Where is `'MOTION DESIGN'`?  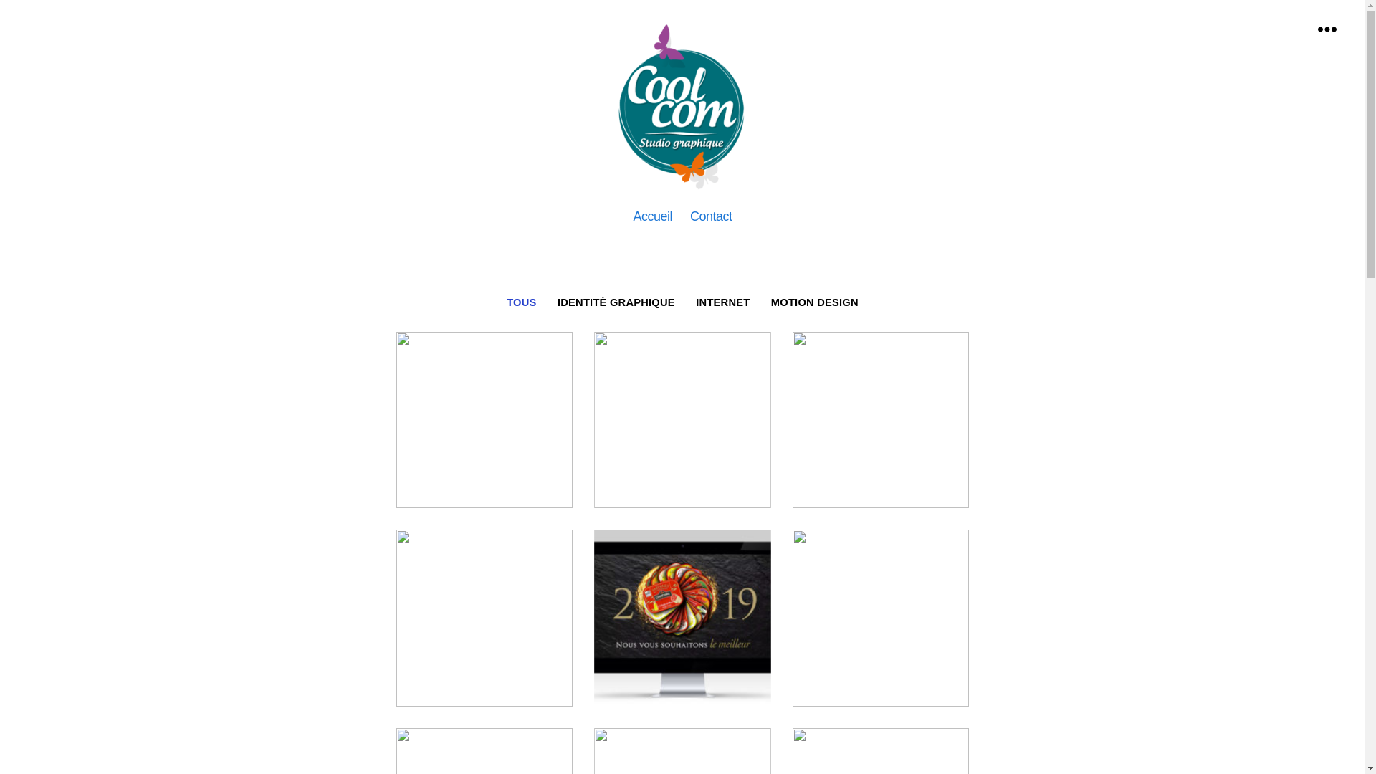 'MOTION DESIGN' is located at coordinates (759, 302).